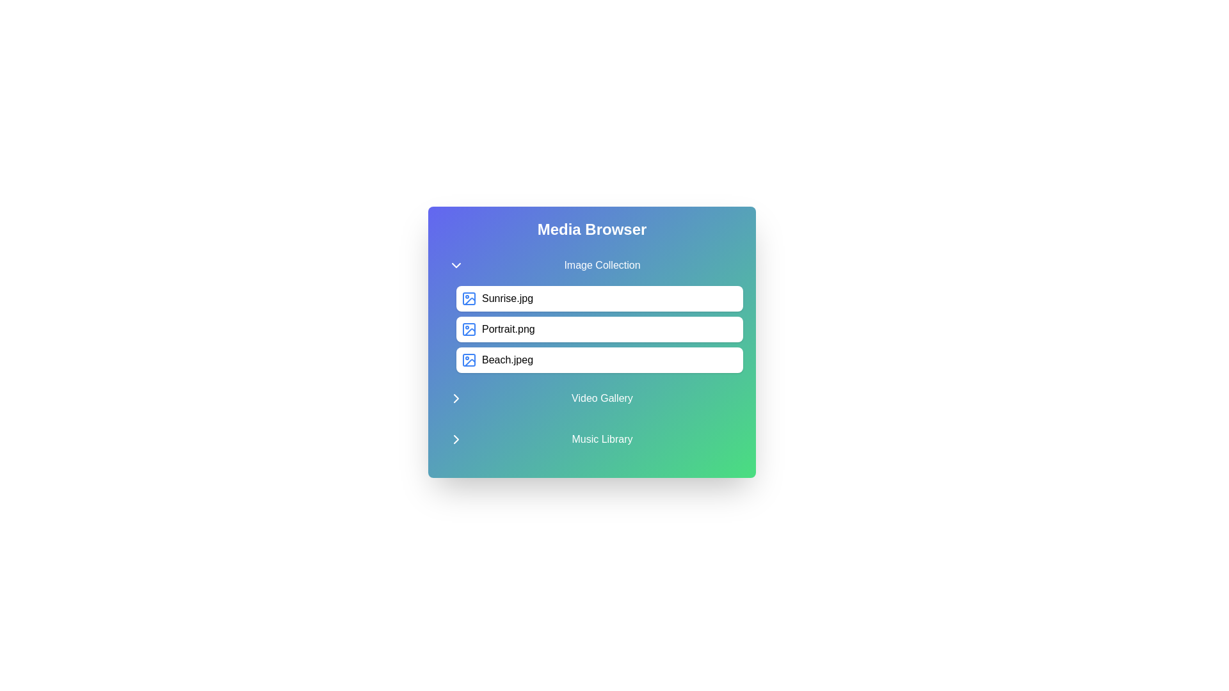  Describe the element at coordinates (598, 298) in the screenshot. I see `the media item Sunrise.jpg from the list` at that location.